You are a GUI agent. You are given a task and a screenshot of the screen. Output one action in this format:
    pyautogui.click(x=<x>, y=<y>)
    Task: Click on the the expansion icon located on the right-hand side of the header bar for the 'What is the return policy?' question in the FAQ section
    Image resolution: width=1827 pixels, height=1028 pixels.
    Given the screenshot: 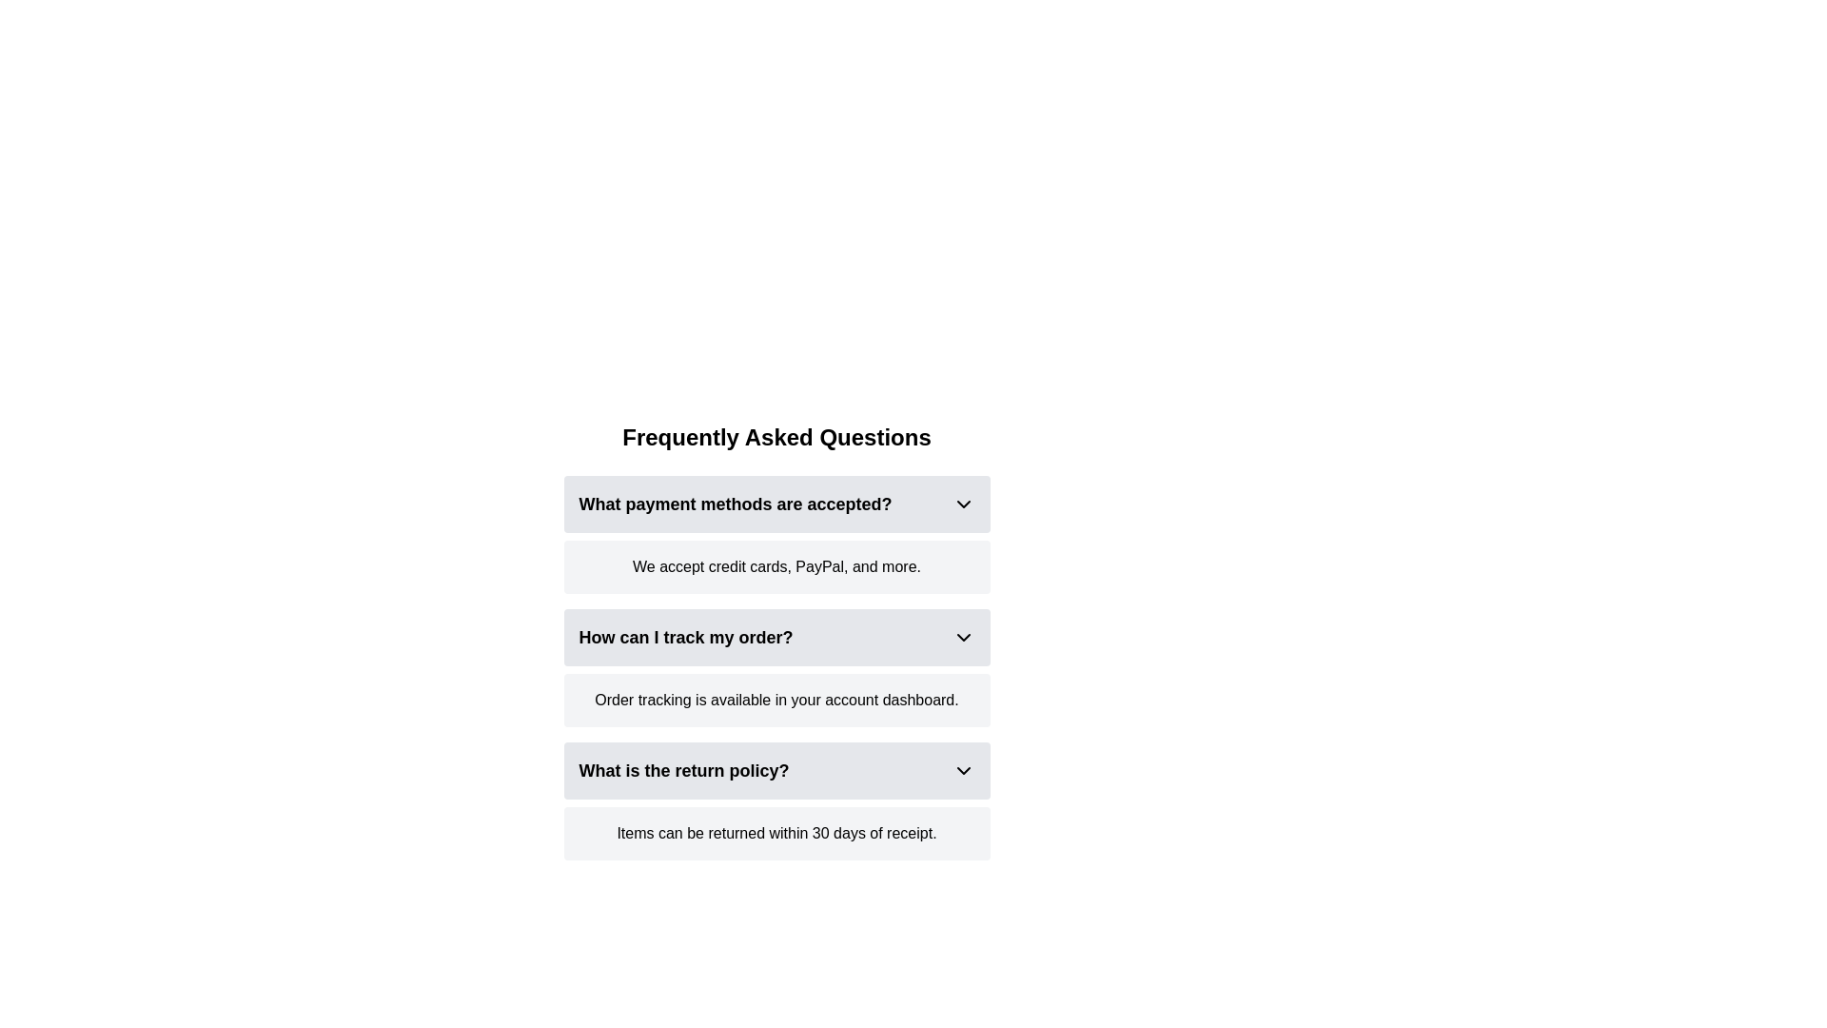 What is the action you would take?
    pyautogui.click(x=963, y=771)
    